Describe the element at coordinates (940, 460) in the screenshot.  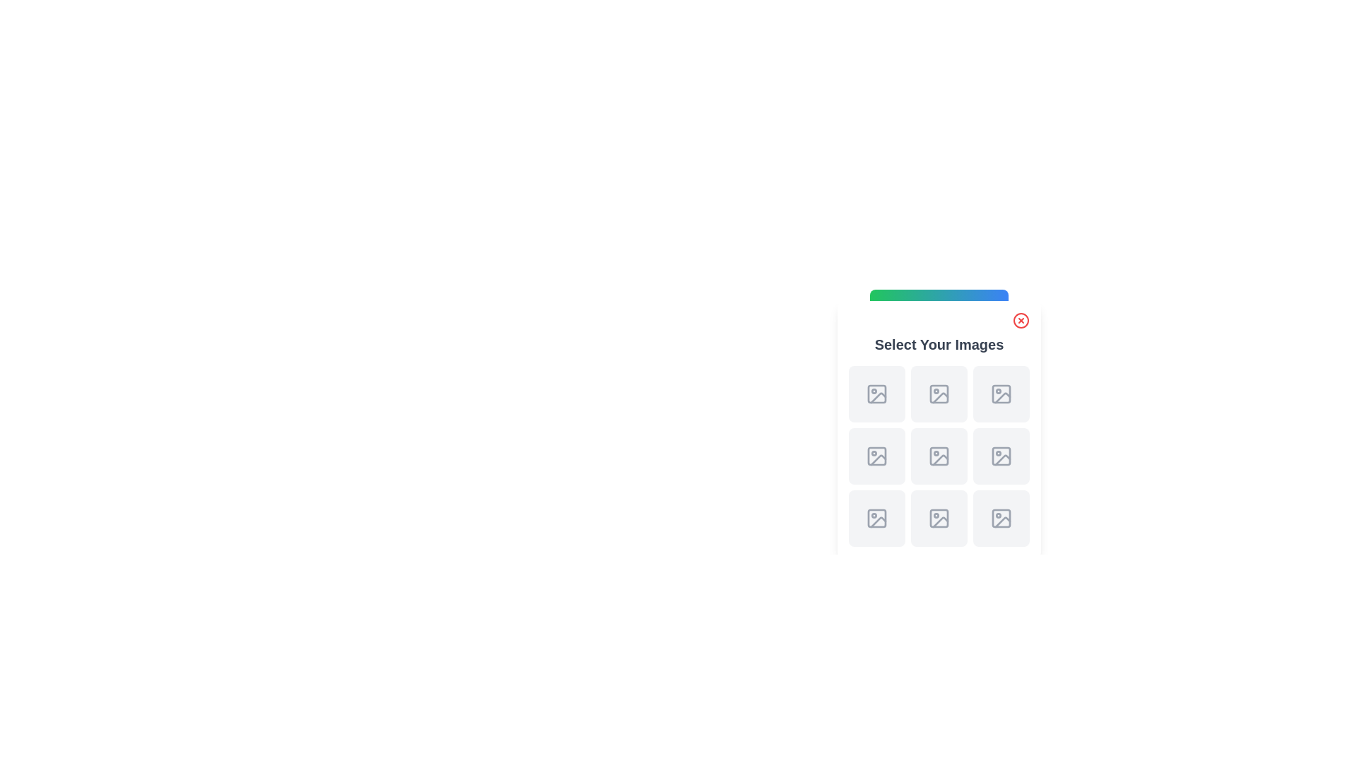
I see `the broken image icon, which is styled as a small diagonal image depiction with a light gray color scheme, located in the middle cell of the bottom row of the UI grid layout` at that location.